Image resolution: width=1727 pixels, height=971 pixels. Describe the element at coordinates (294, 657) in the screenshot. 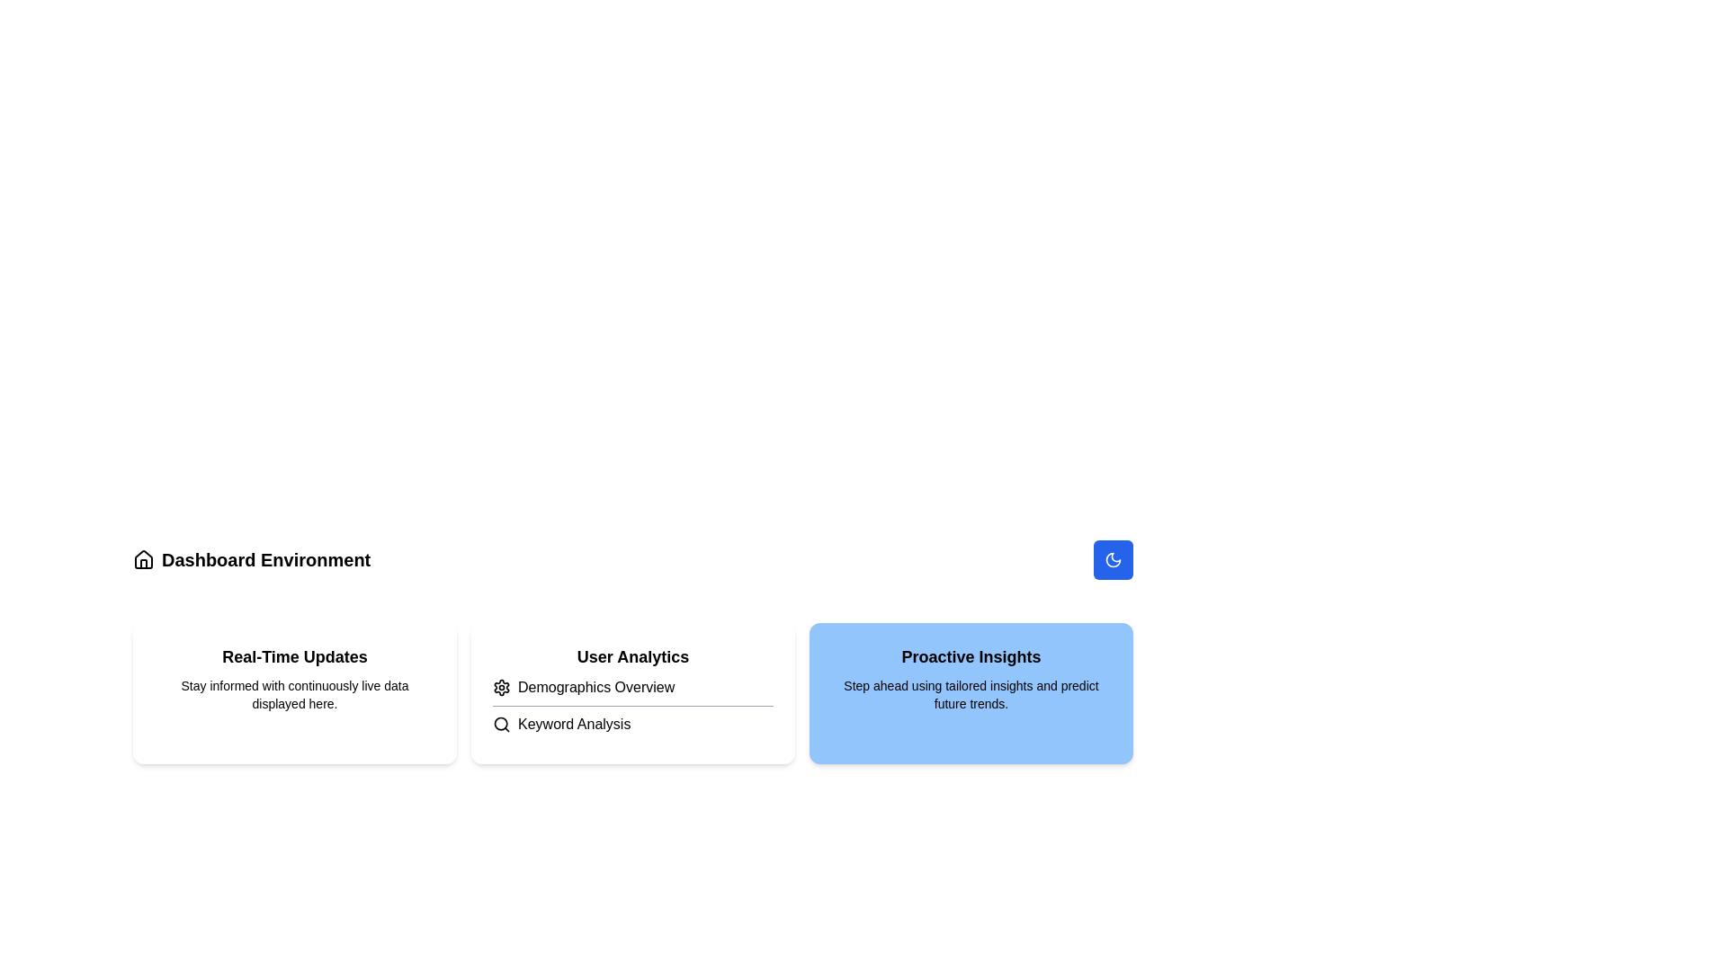

I see `the bold label reading 'Real-Time Updates' located at the top of a card-like component` at that location.